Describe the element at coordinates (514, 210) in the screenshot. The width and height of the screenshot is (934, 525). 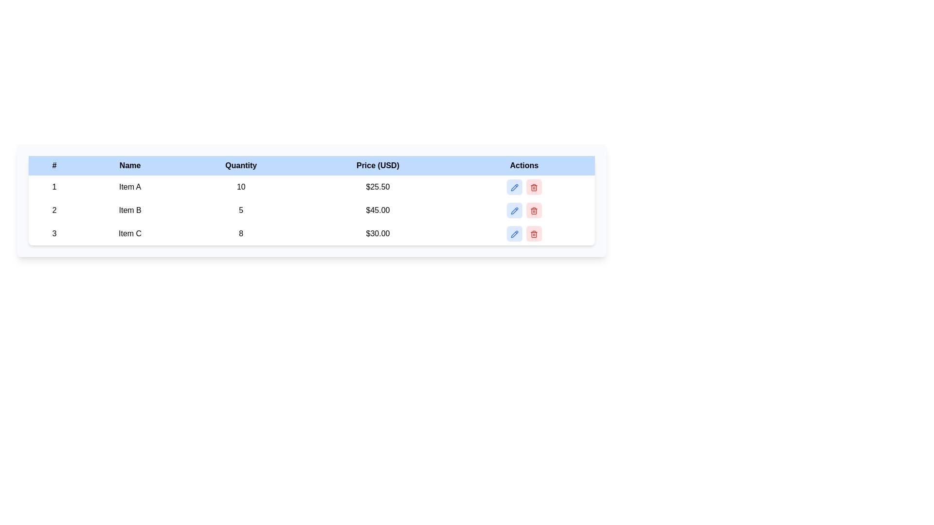
I see `the blue button with a pencil icon in the 'Actions' column of the second row to initiate an editing action` at that location.